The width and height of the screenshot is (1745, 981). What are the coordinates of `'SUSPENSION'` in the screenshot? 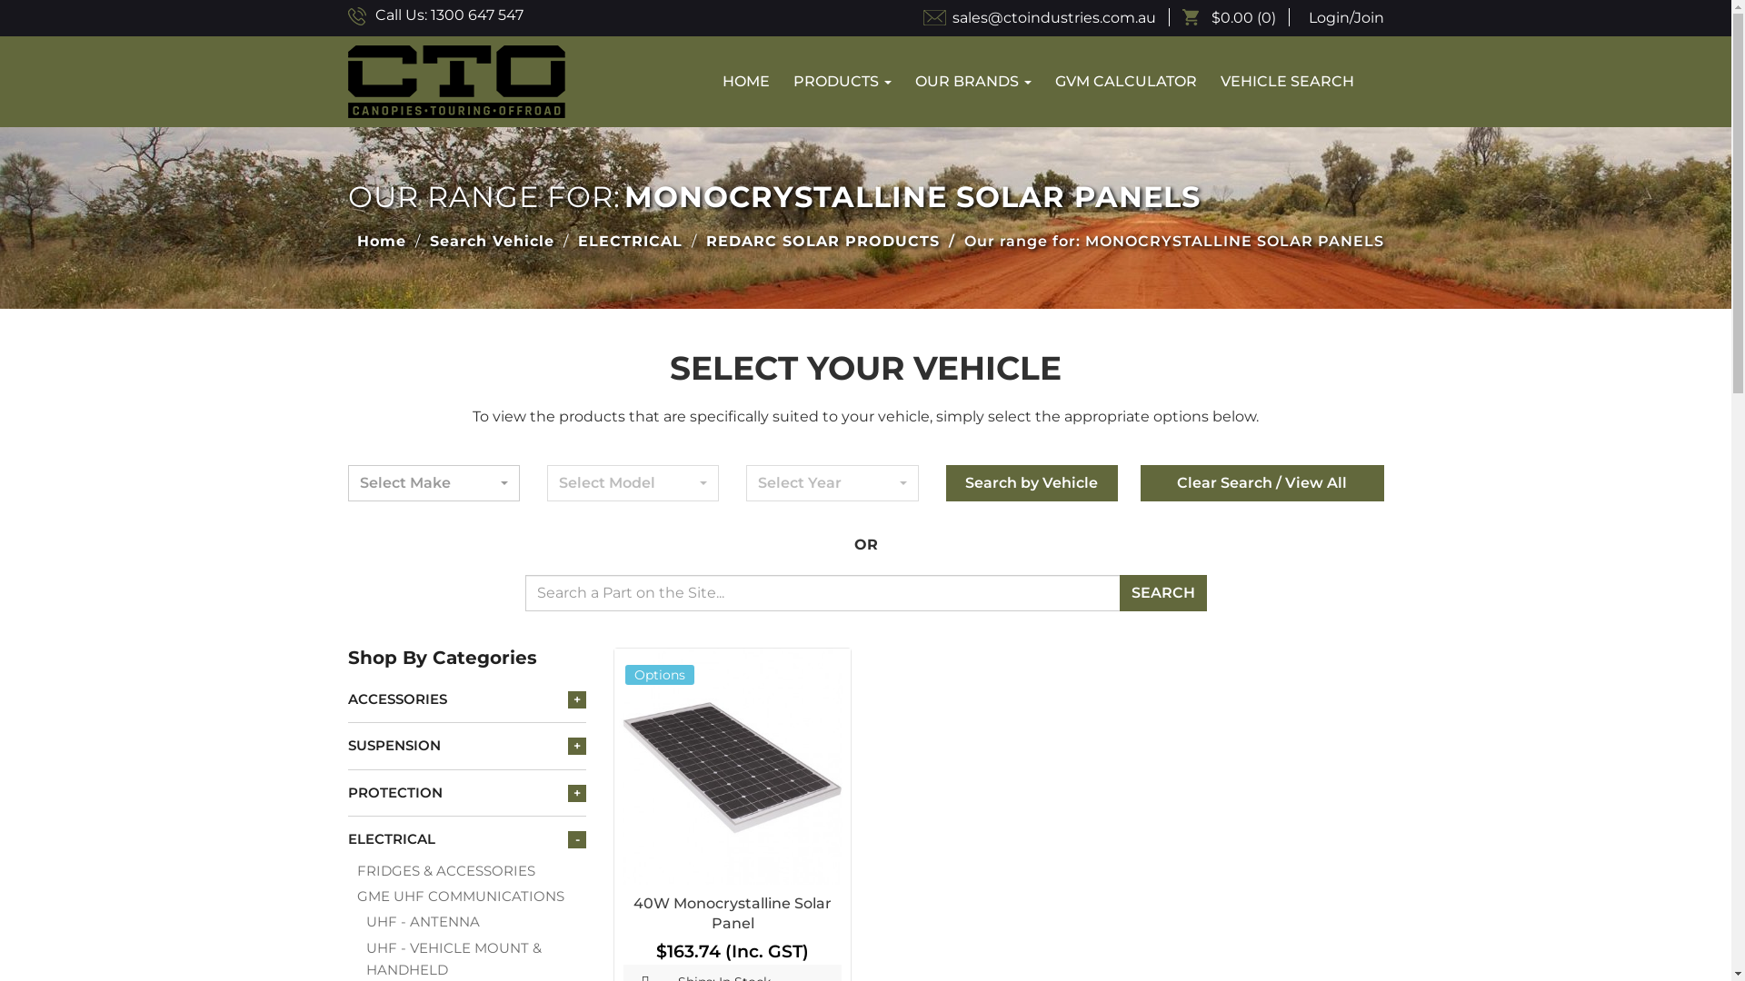 It's located at (347, 746).